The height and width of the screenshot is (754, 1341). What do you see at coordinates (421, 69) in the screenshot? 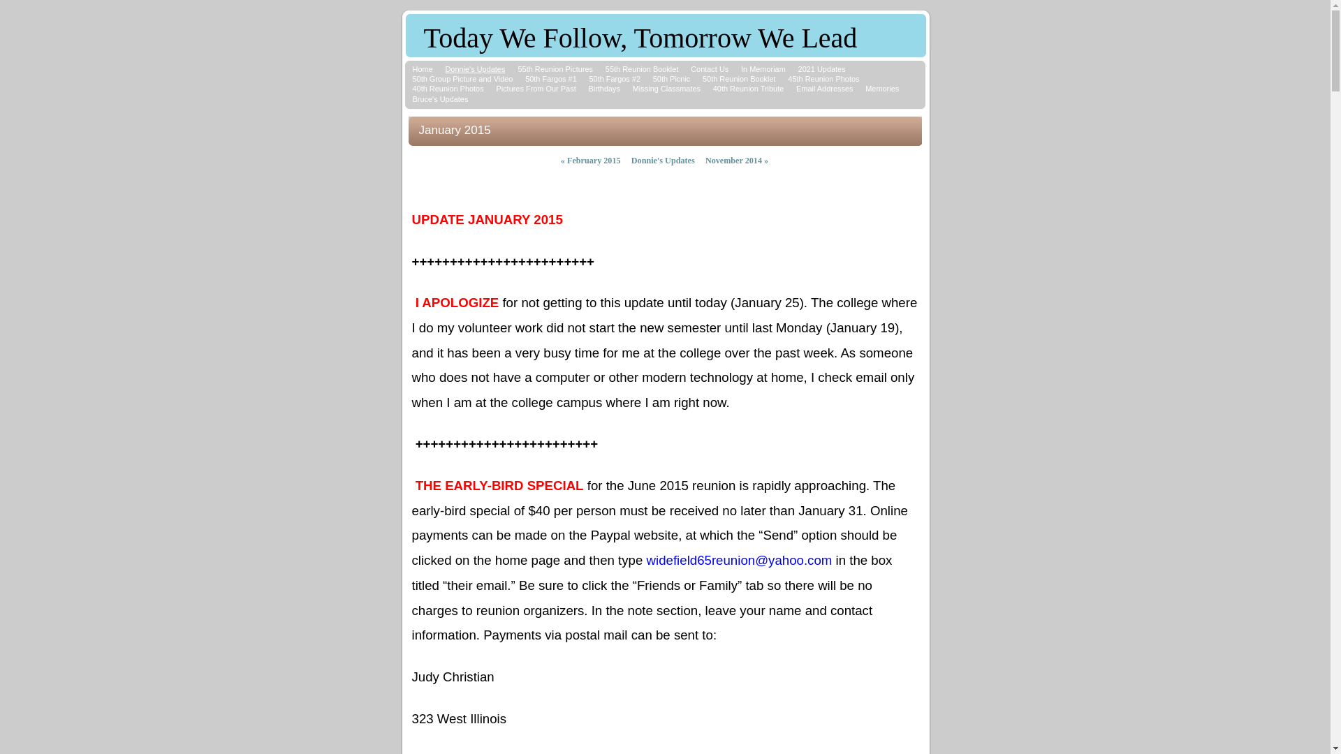
I see `'Home'` at bounding box center [421, 69].